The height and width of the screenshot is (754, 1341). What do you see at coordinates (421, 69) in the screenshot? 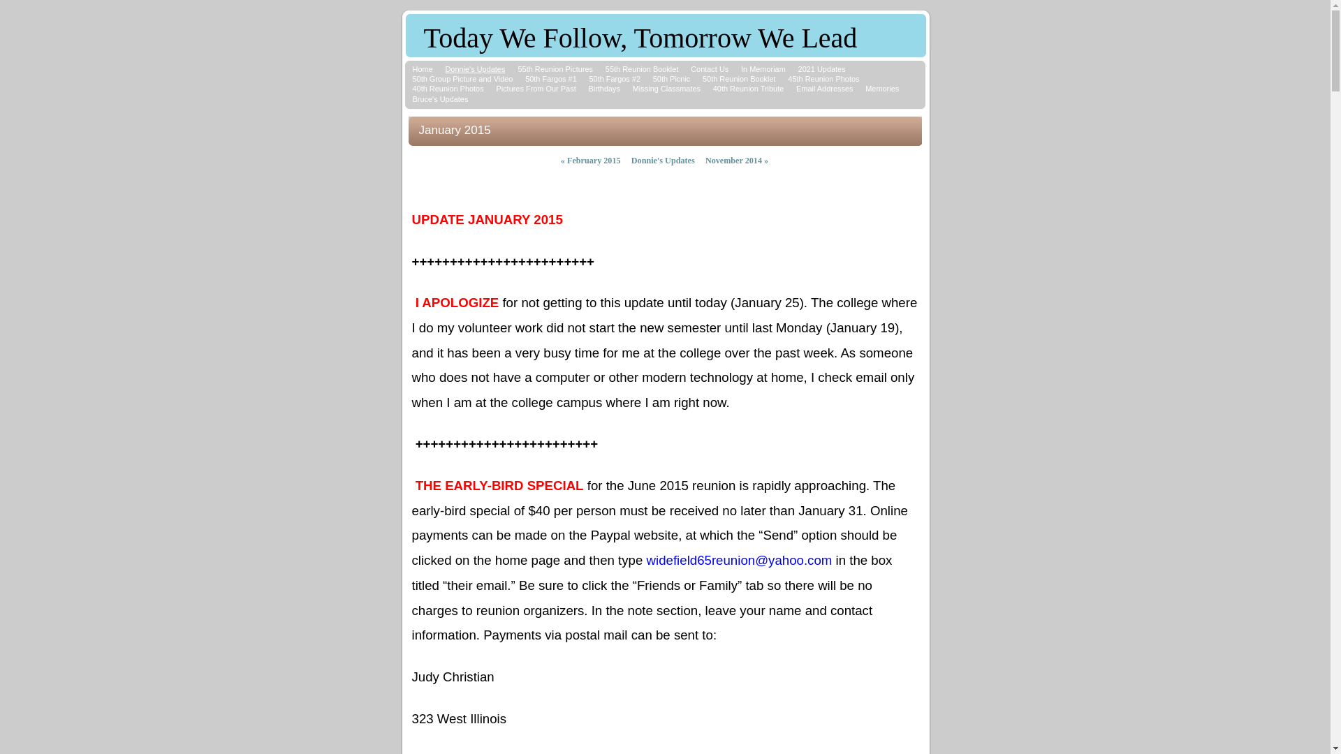
I see `'Home'` at bounding box center [421, 69].